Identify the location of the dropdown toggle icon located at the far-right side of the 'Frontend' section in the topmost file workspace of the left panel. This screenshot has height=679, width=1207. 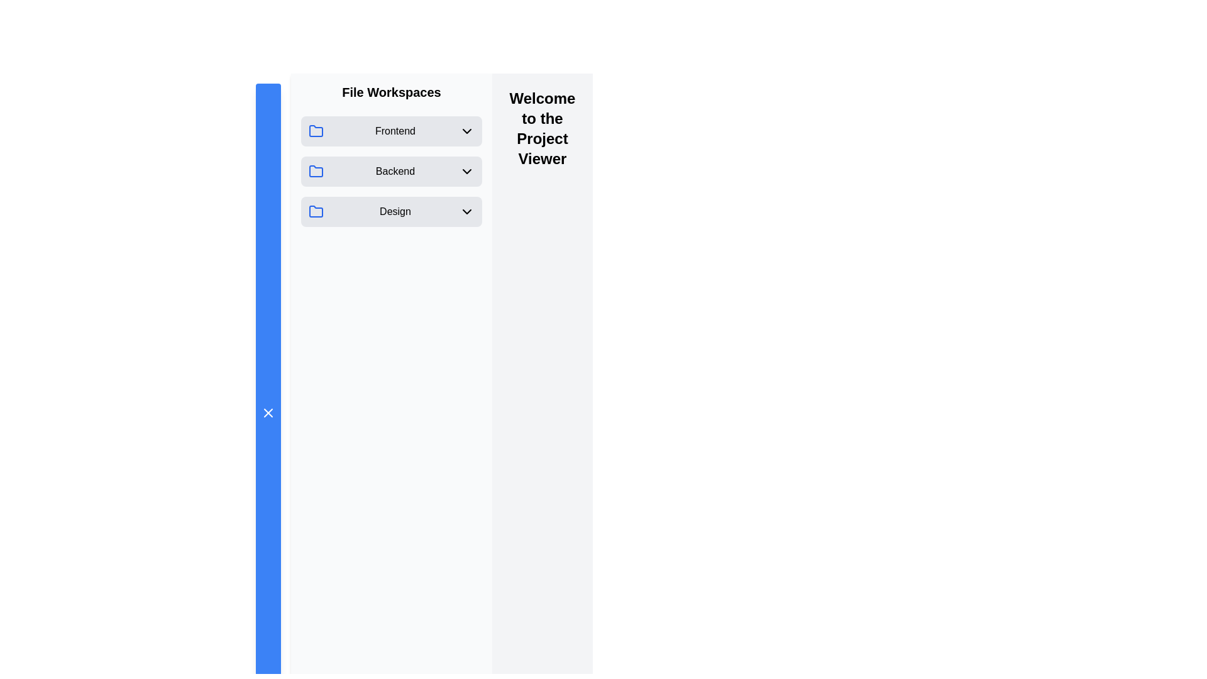
(466, 131).